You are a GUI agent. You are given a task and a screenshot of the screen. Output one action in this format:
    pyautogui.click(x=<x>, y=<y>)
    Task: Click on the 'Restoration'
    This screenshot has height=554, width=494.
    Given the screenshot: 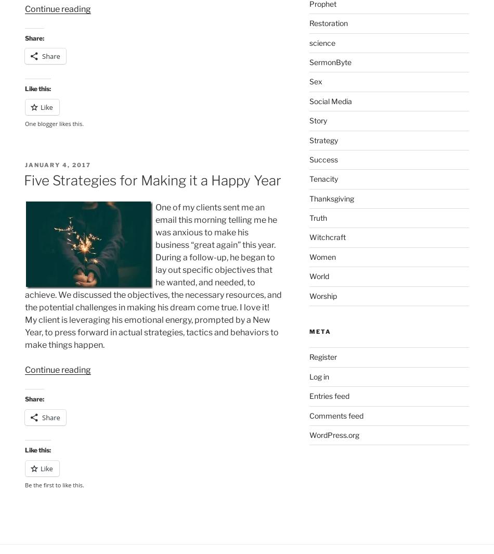 What is the action you would take?
    pyautogui.click(x=309, y=23)
    